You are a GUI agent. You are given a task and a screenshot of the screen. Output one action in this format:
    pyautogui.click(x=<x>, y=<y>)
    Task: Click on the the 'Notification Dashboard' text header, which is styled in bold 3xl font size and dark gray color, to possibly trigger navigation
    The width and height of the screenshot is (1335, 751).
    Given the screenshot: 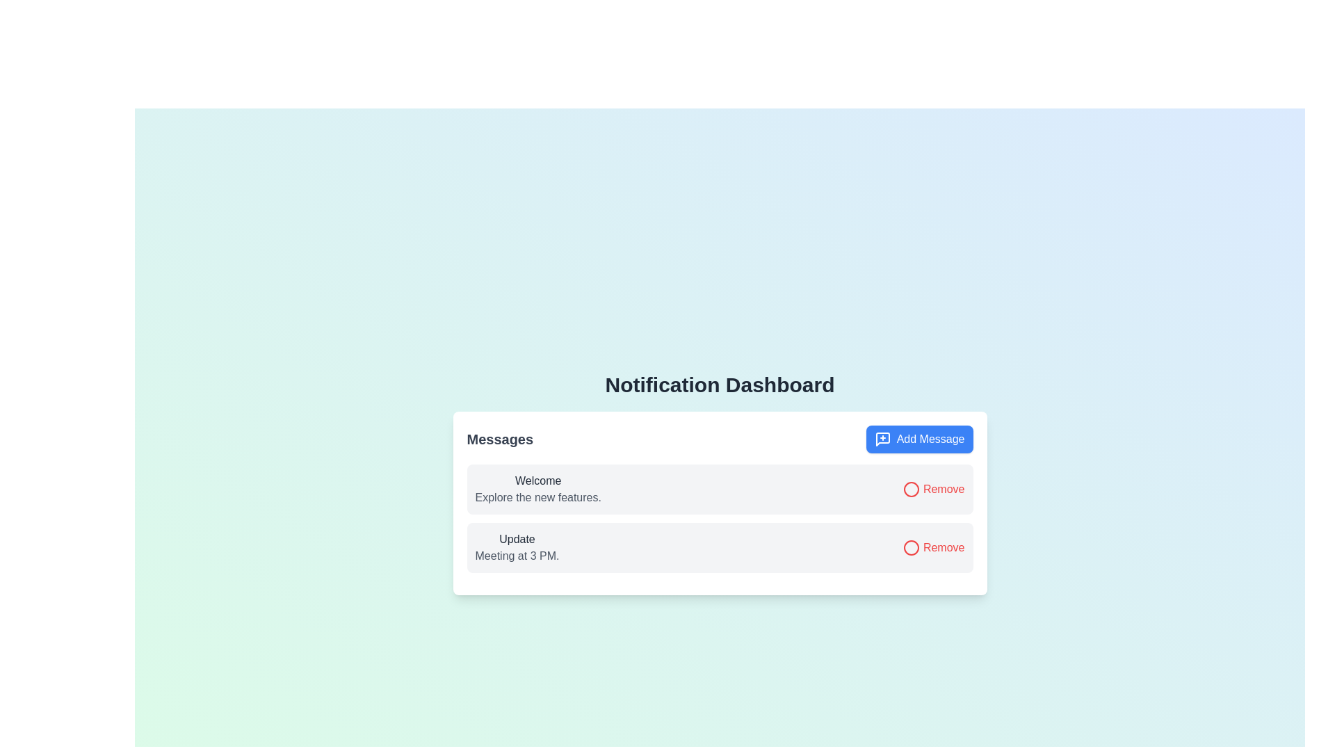 What is the action you would take?
    pyautogui.click(x=720, y=385)
    